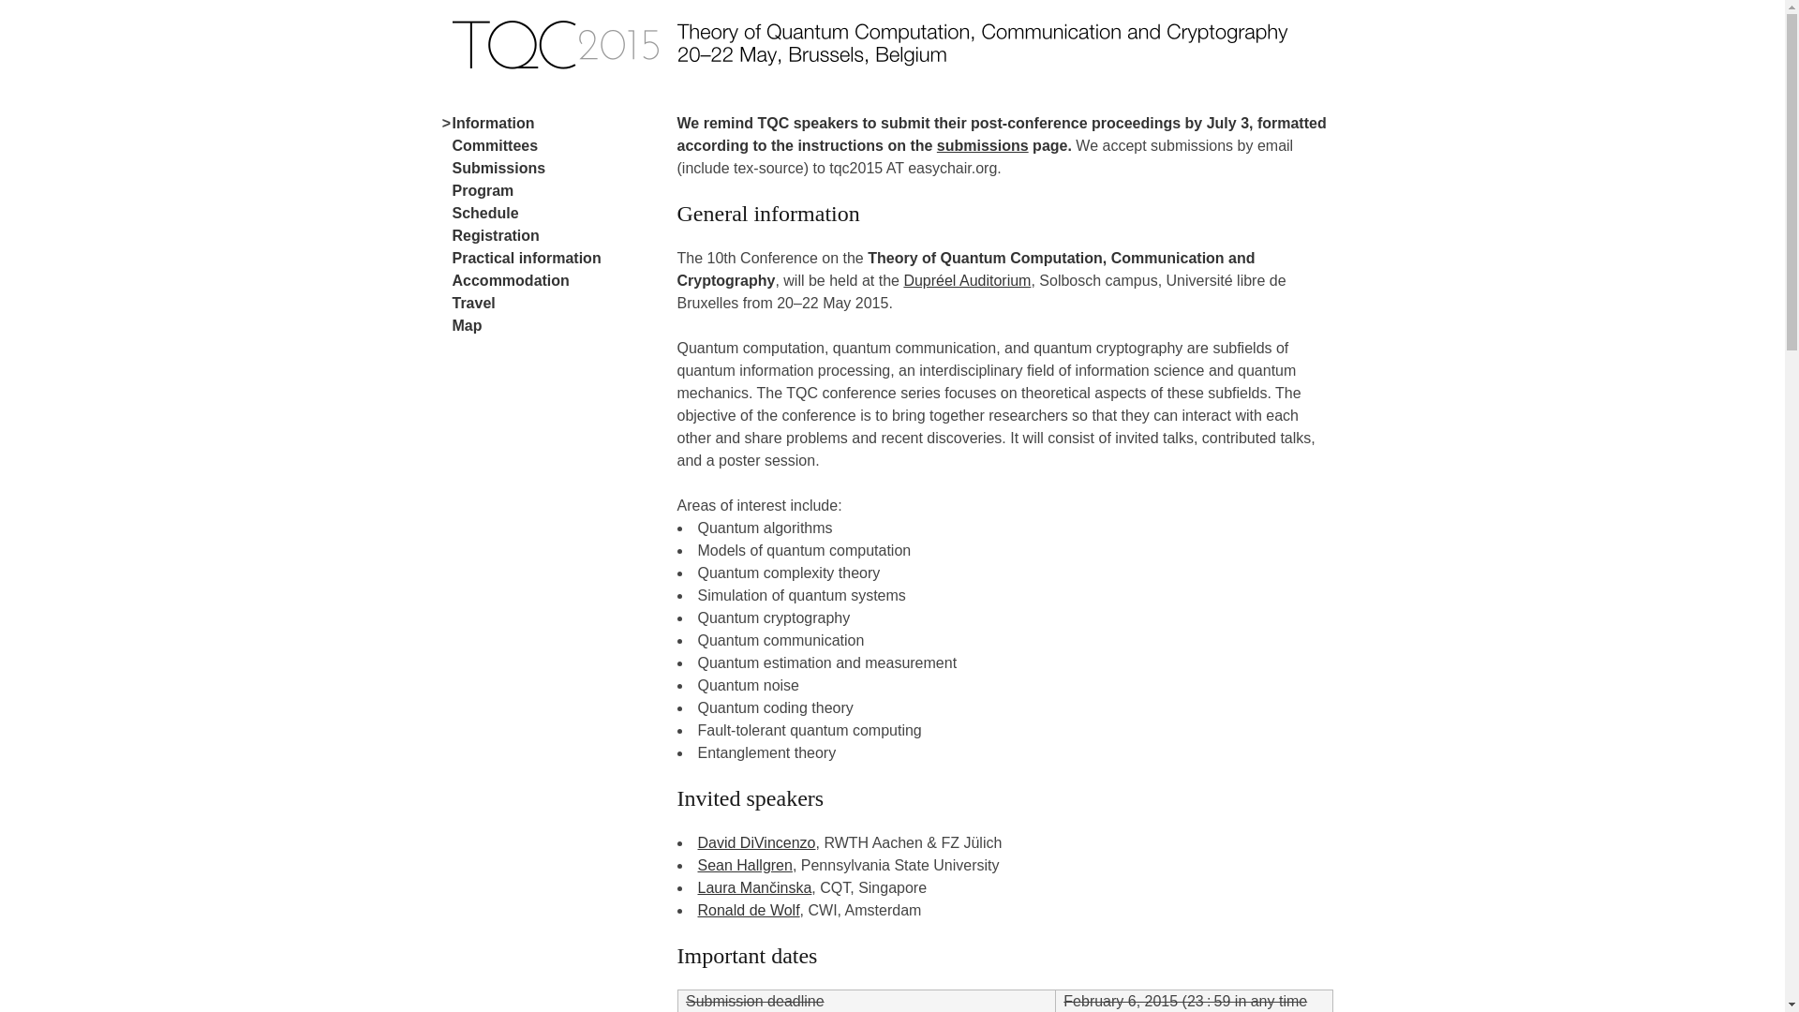  I want to click on 'Ronald de Wolf', so click(747, 909).